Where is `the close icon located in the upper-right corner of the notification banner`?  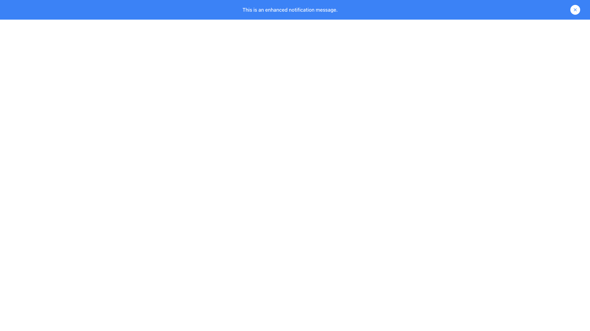 the close icon located in the upper-right corner of the notification banner is located at coordinates (575, 10).